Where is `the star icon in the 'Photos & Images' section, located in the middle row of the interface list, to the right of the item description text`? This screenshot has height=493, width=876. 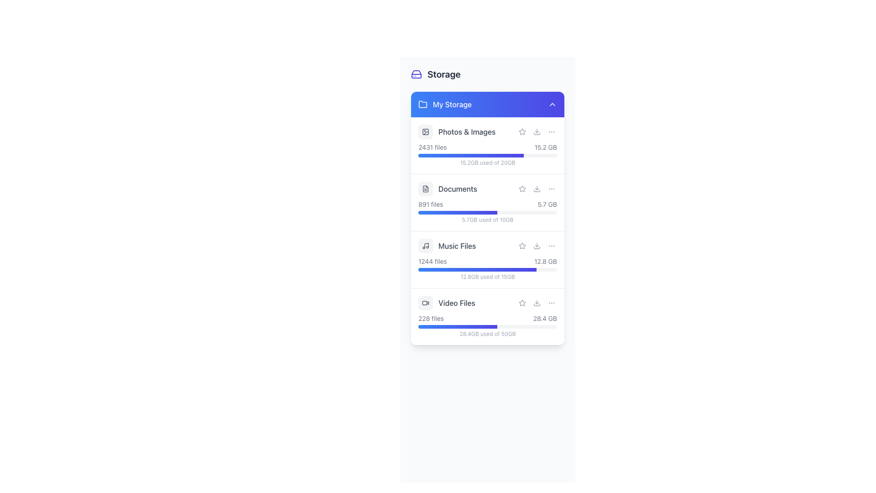
the star icon in the 'Photos & Images' section, located in the middle row of the interface list, to the right of the item description text is located at coordinates (522, 131).